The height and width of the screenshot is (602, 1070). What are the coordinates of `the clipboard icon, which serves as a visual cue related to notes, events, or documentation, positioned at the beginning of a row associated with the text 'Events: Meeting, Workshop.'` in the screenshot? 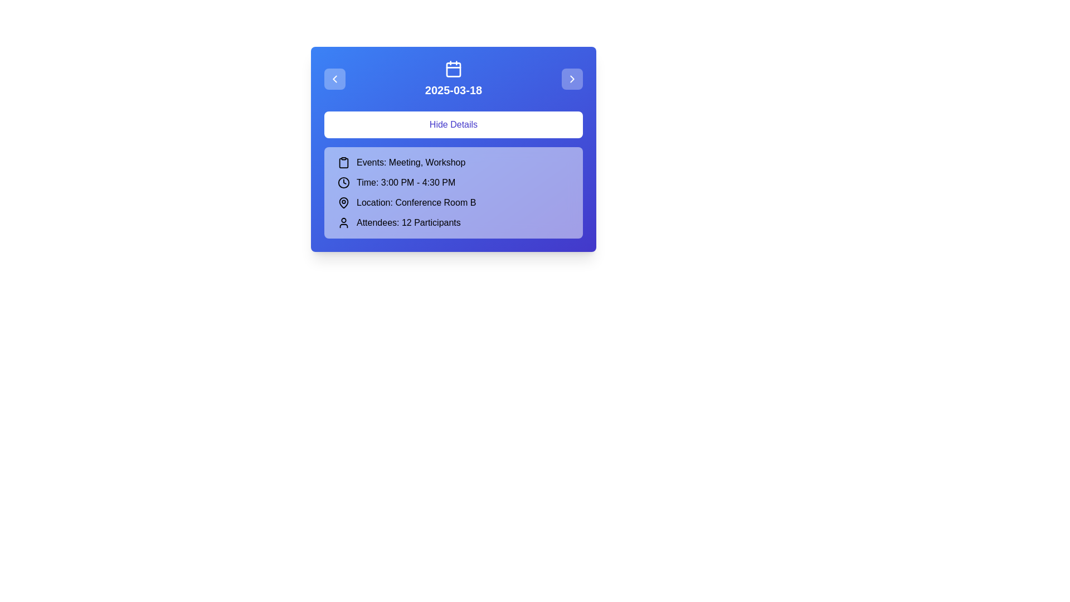 It's located at (343, 163).